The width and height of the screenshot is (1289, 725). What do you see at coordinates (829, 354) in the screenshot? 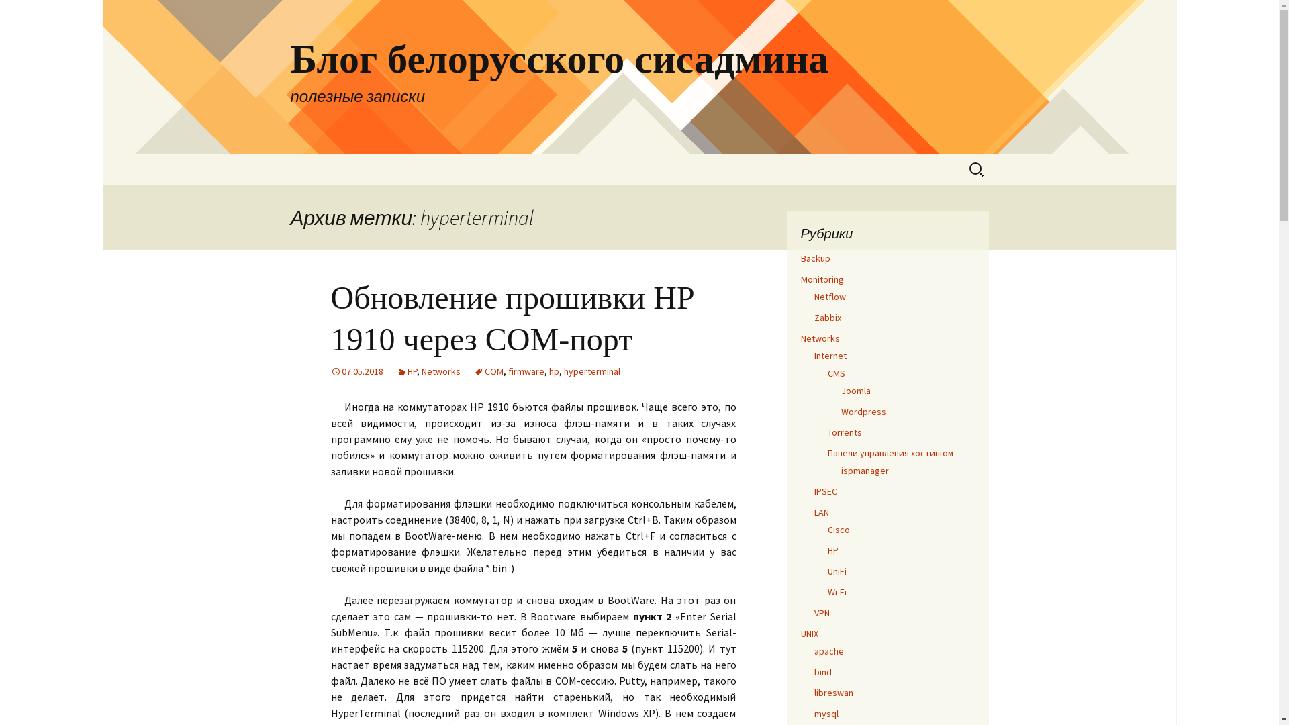
I see `'Internet'` at bounding box center [829, 354].